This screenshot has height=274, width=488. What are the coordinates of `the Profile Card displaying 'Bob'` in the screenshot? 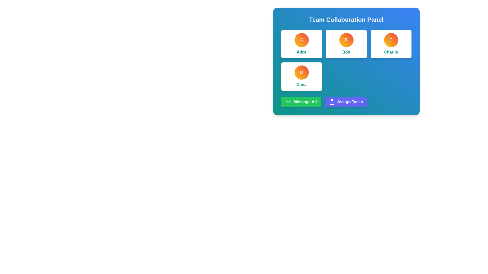 It's located at (346, 44).